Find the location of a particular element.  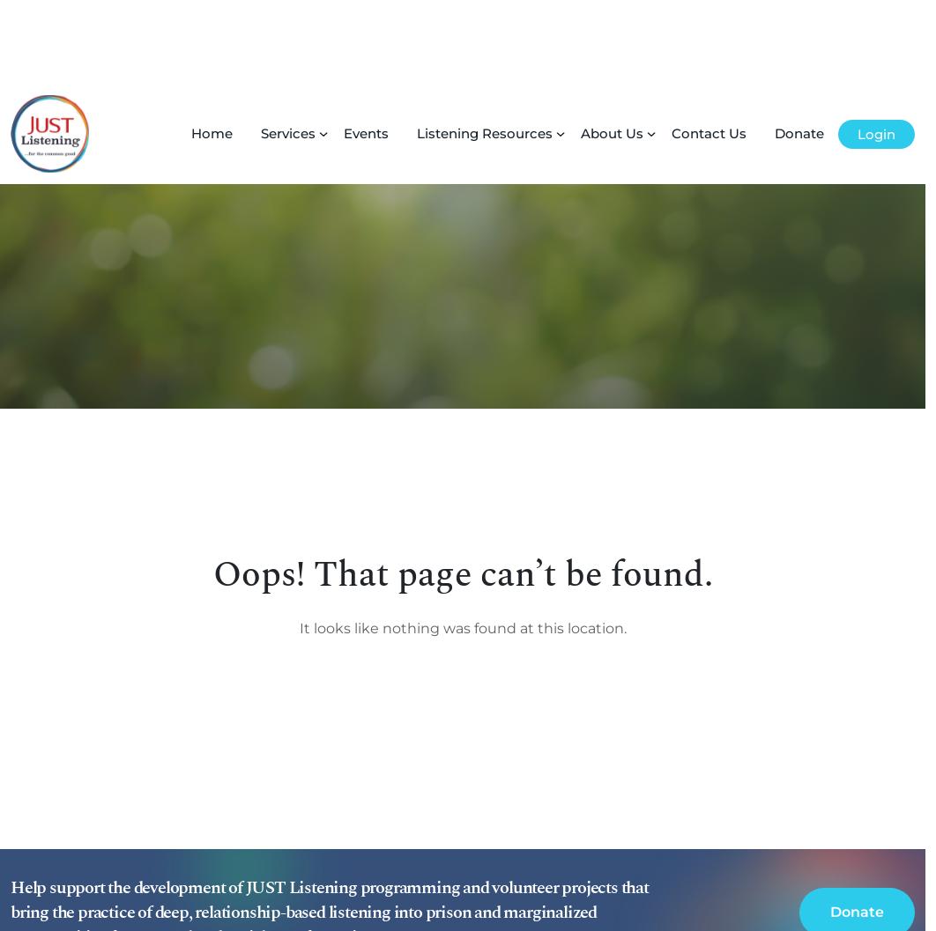

'About Us' is located at coordinates (612, 49).